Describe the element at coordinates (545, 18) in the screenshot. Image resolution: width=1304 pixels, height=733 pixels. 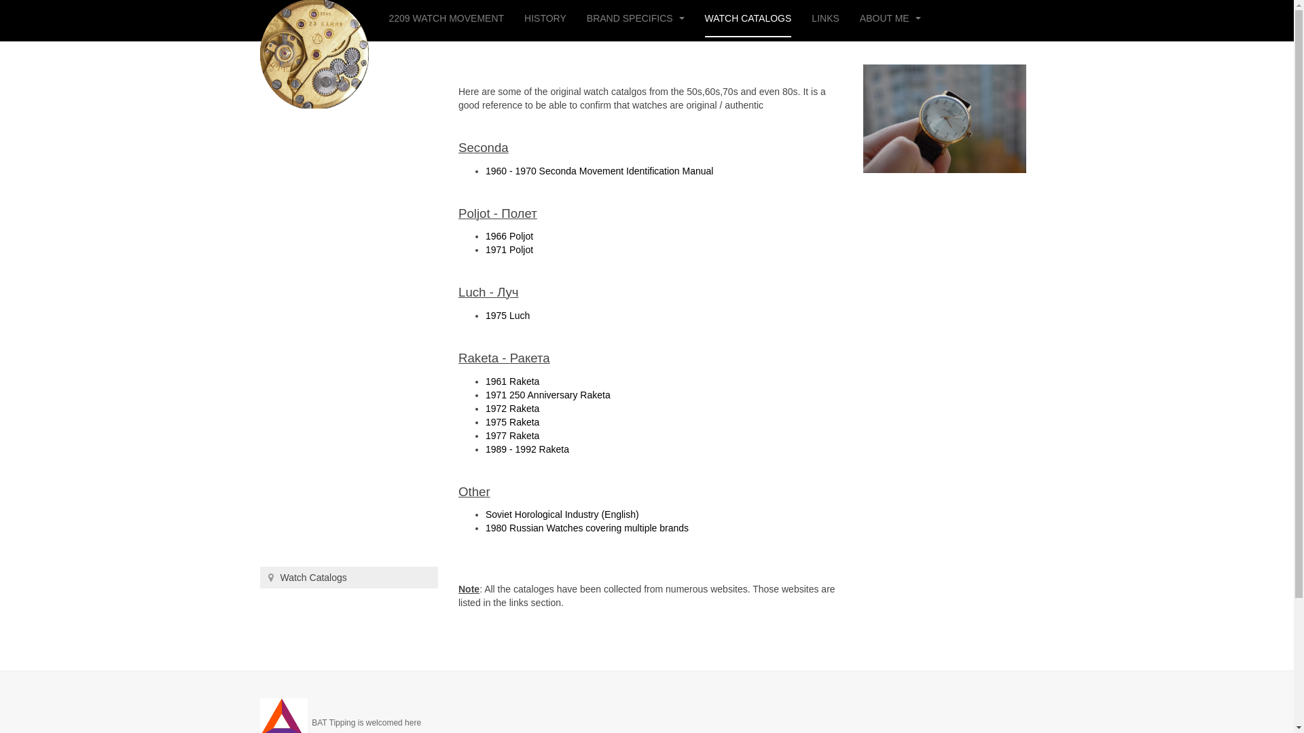
I see `'HISTORY'` at that location.